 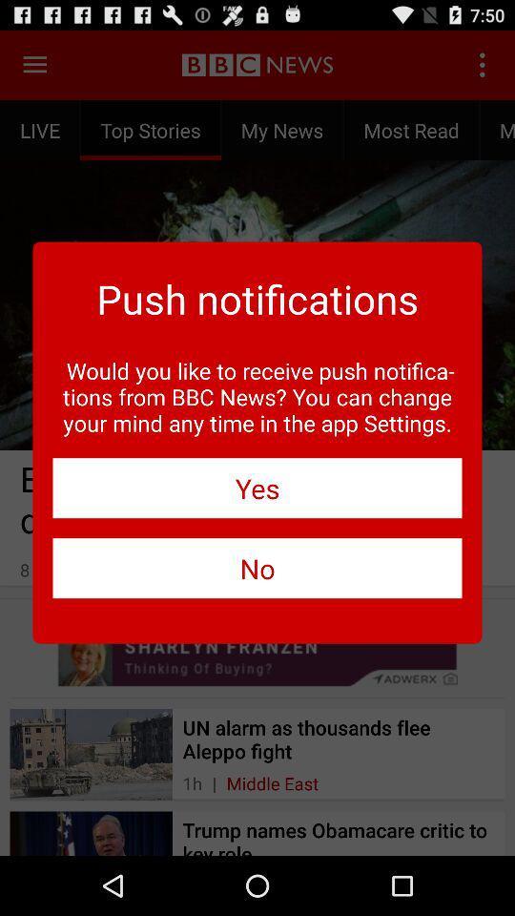 I want to click on the no, so click(x=257, y=568).